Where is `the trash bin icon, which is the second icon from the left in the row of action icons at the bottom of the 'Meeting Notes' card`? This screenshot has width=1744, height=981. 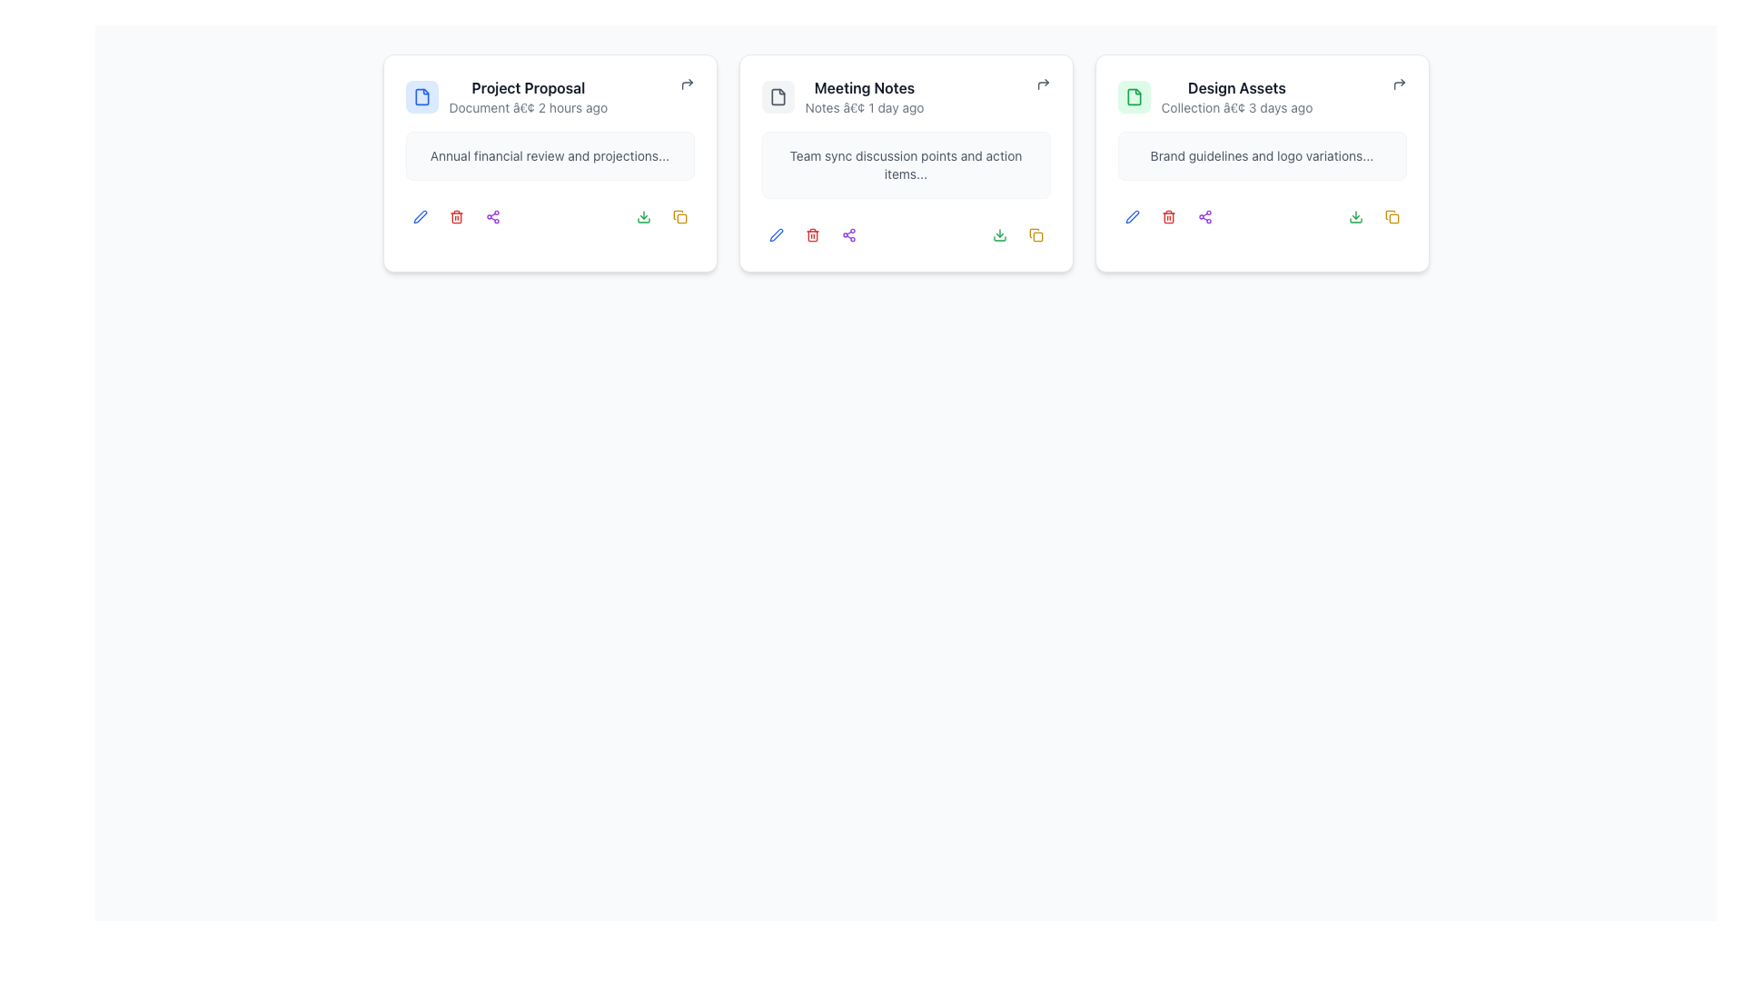
the trash bin icon, which is the second icon from the left in the row of action icons at the bottom of the 'Meeting Notes' card is located at coordinates (811, 233).